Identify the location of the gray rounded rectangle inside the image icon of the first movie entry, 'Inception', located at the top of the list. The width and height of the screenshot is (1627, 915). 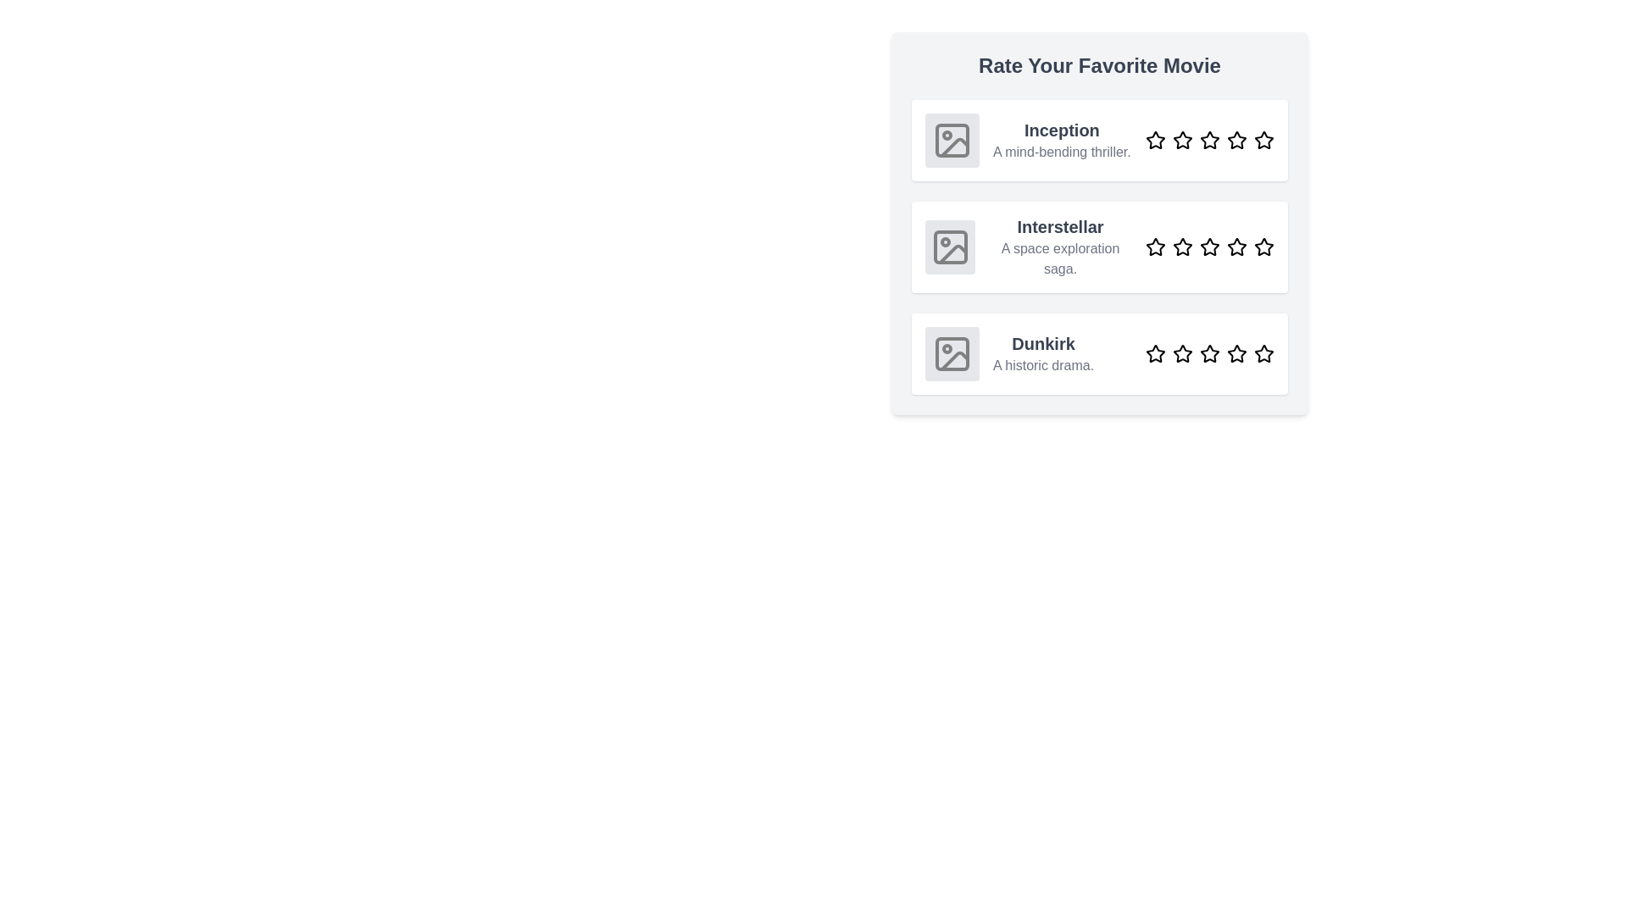
(952, 139).